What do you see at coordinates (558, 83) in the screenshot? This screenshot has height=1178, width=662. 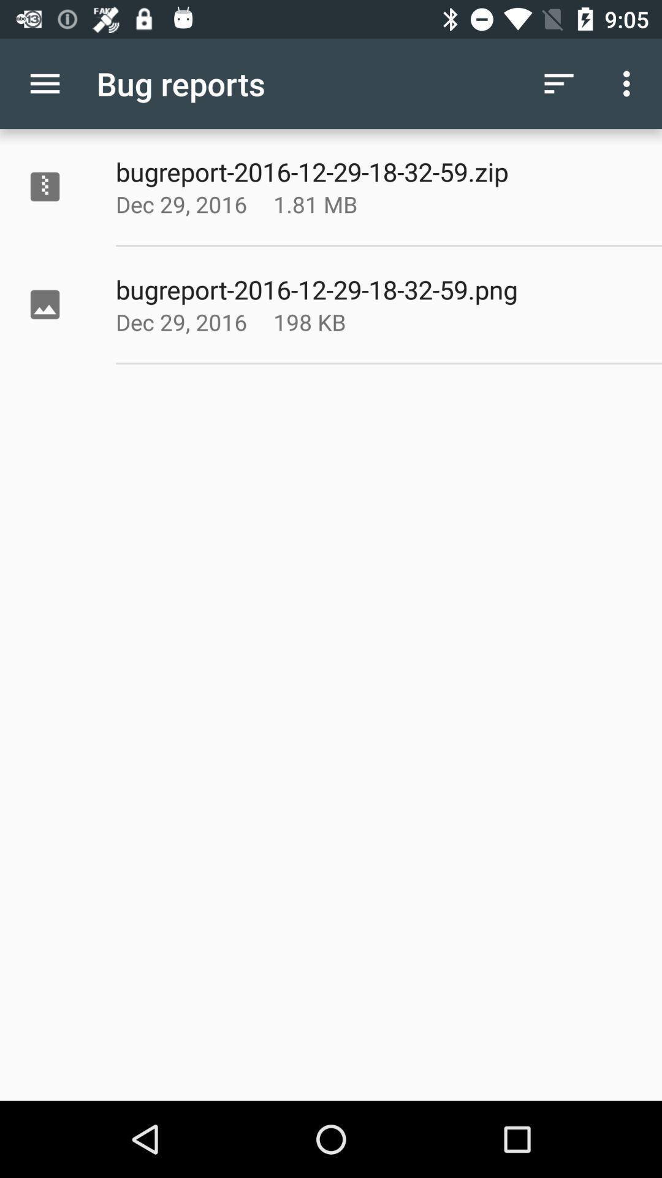 I see `item above bugreport 2016 12` at bounding box center [558, 83].